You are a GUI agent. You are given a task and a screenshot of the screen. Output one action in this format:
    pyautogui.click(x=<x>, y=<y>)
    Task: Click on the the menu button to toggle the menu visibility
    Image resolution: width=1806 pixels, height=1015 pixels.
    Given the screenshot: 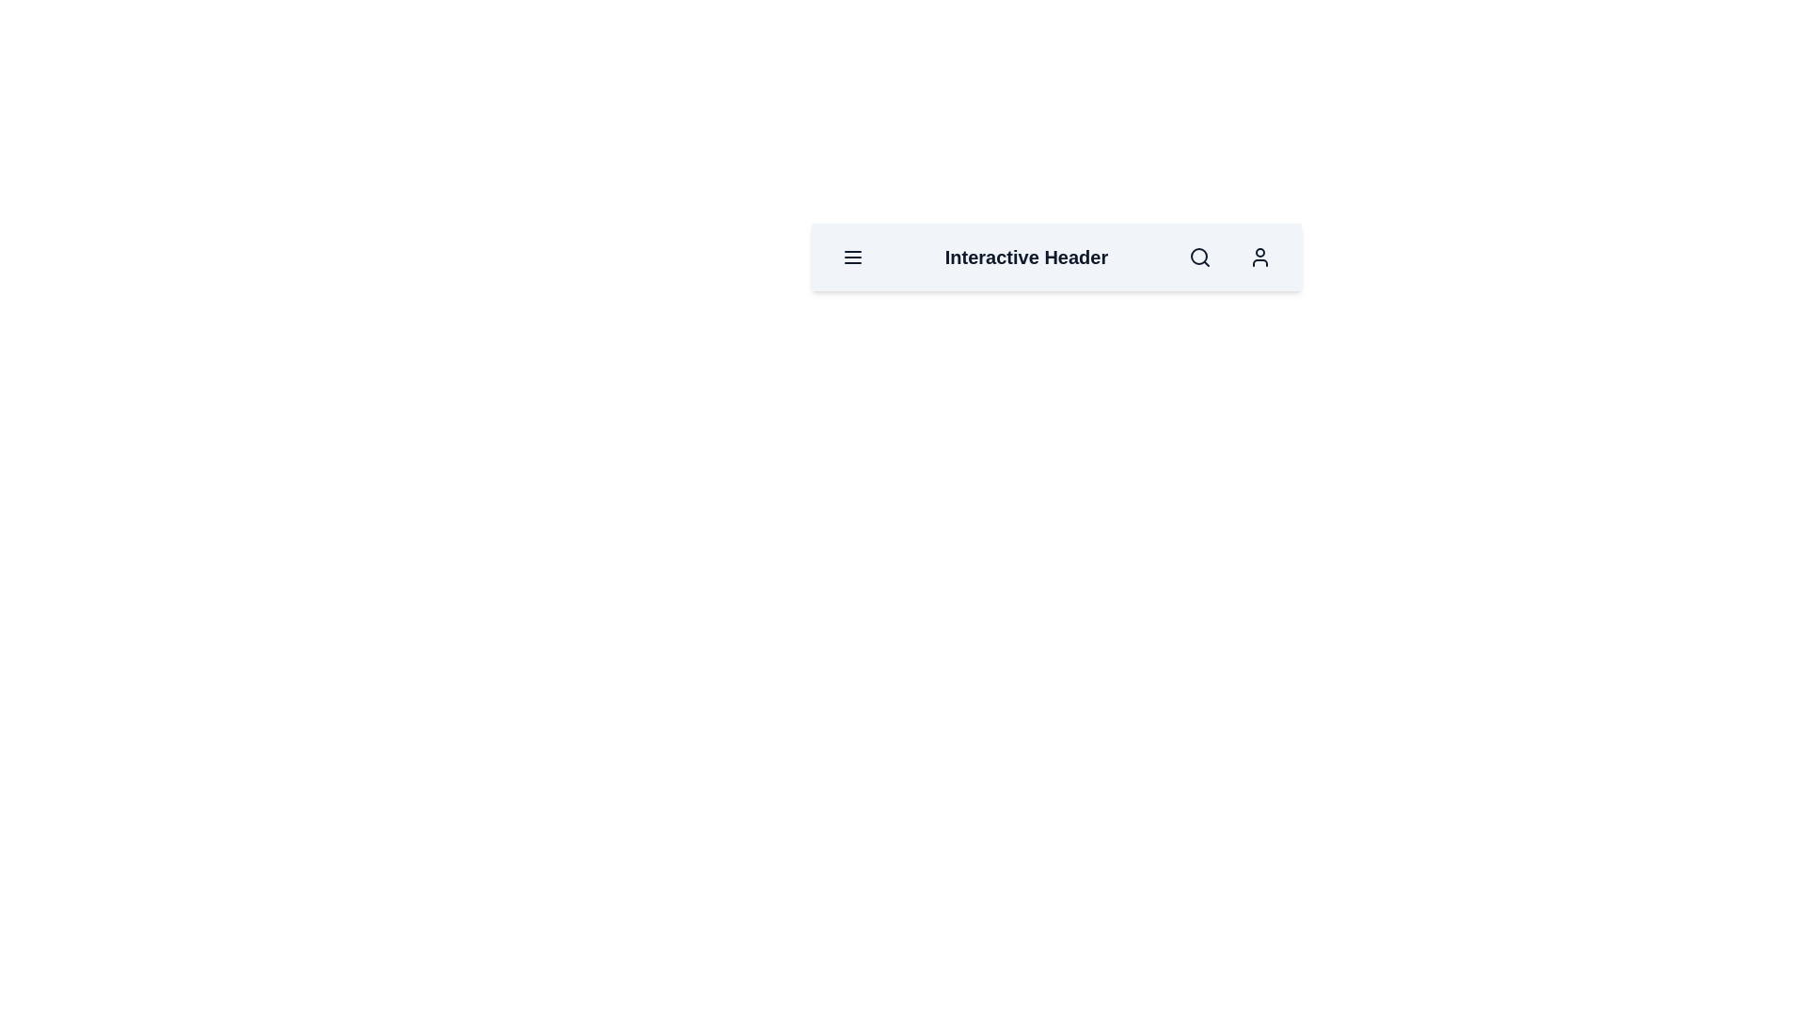 What is the action you would take?
    pyautogui.click(x=852, y=257)
    